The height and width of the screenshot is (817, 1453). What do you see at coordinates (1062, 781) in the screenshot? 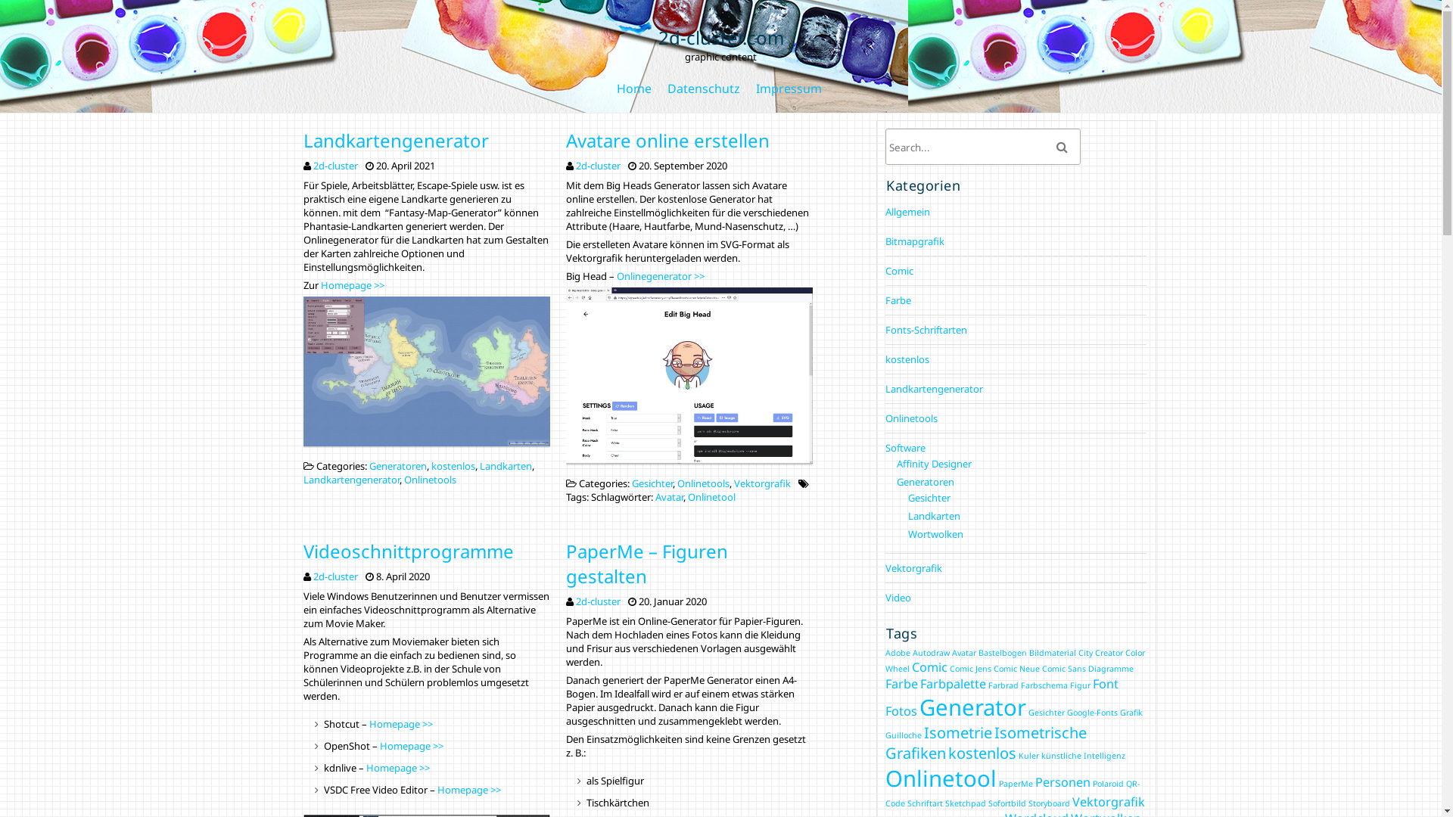
I see `'Personen'` at bounding box center [1062, 781].